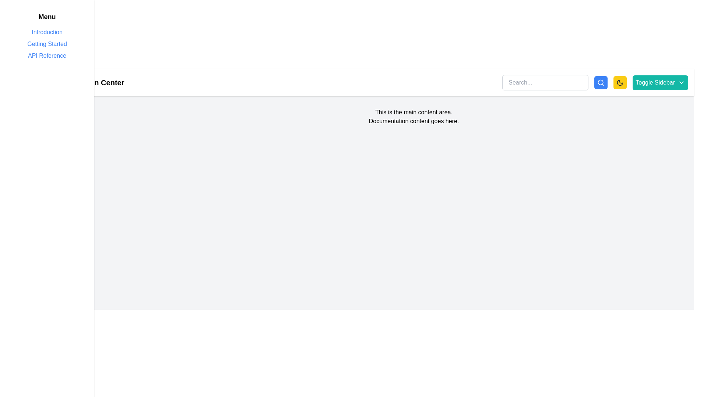 This screenshot has height=397, width=707. I want to click on the 'Toggle Sidebar' button, which is a teal rectangular button with rounded corners and white text, located at the far right of the horizontal toolbar, so click(660, 82).